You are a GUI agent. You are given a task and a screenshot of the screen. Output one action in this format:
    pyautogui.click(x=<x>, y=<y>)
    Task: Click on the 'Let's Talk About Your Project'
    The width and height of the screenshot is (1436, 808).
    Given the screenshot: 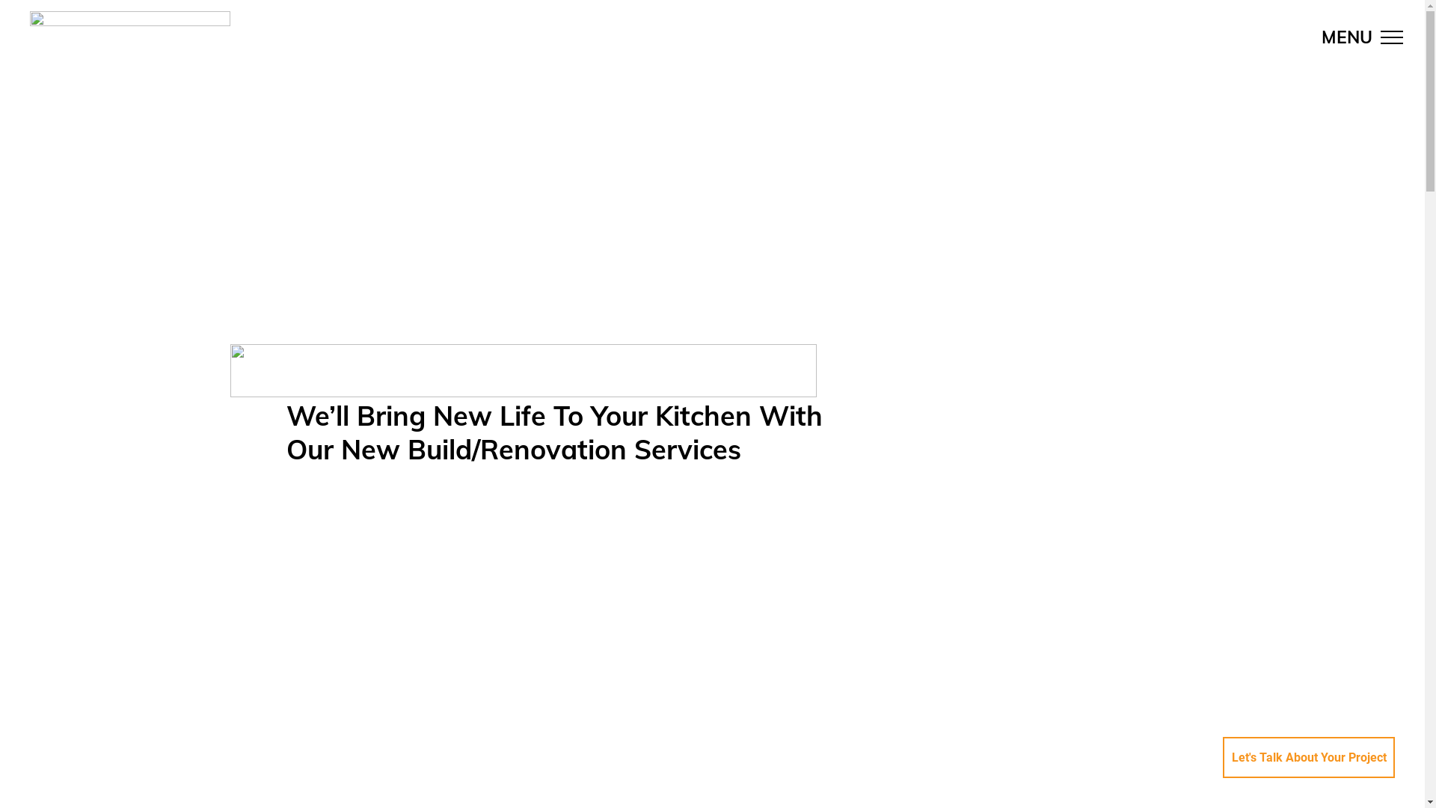 What is the action you would take?
    pyautogui.click(x=1308, y=757)
    